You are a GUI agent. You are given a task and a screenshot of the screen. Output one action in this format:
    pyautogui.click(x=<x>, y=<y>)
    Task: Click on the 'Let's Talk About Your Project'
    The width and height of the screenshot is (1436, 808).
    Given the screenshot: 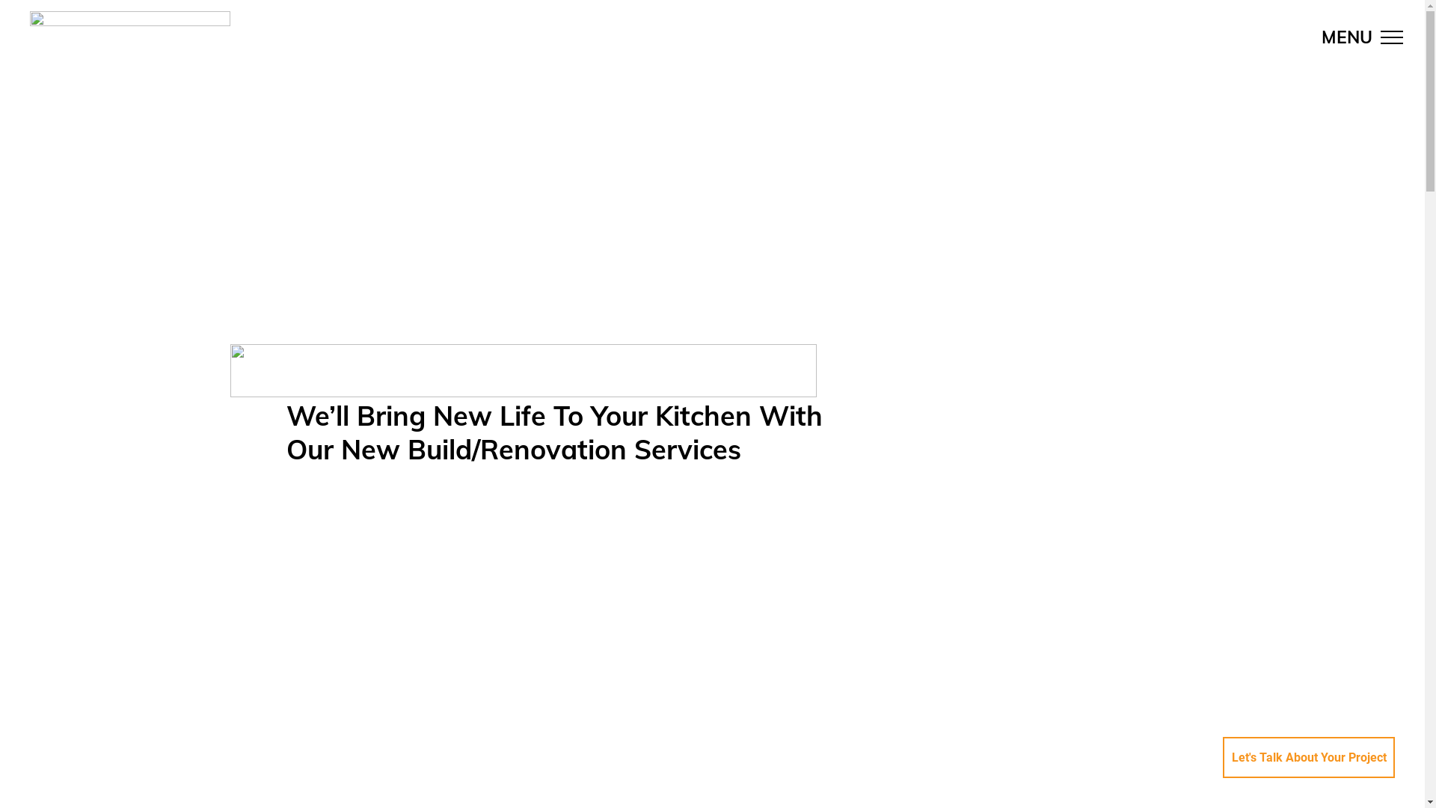 What is the action you would take?
    pyautogui.click(x=1308, y=757)
    